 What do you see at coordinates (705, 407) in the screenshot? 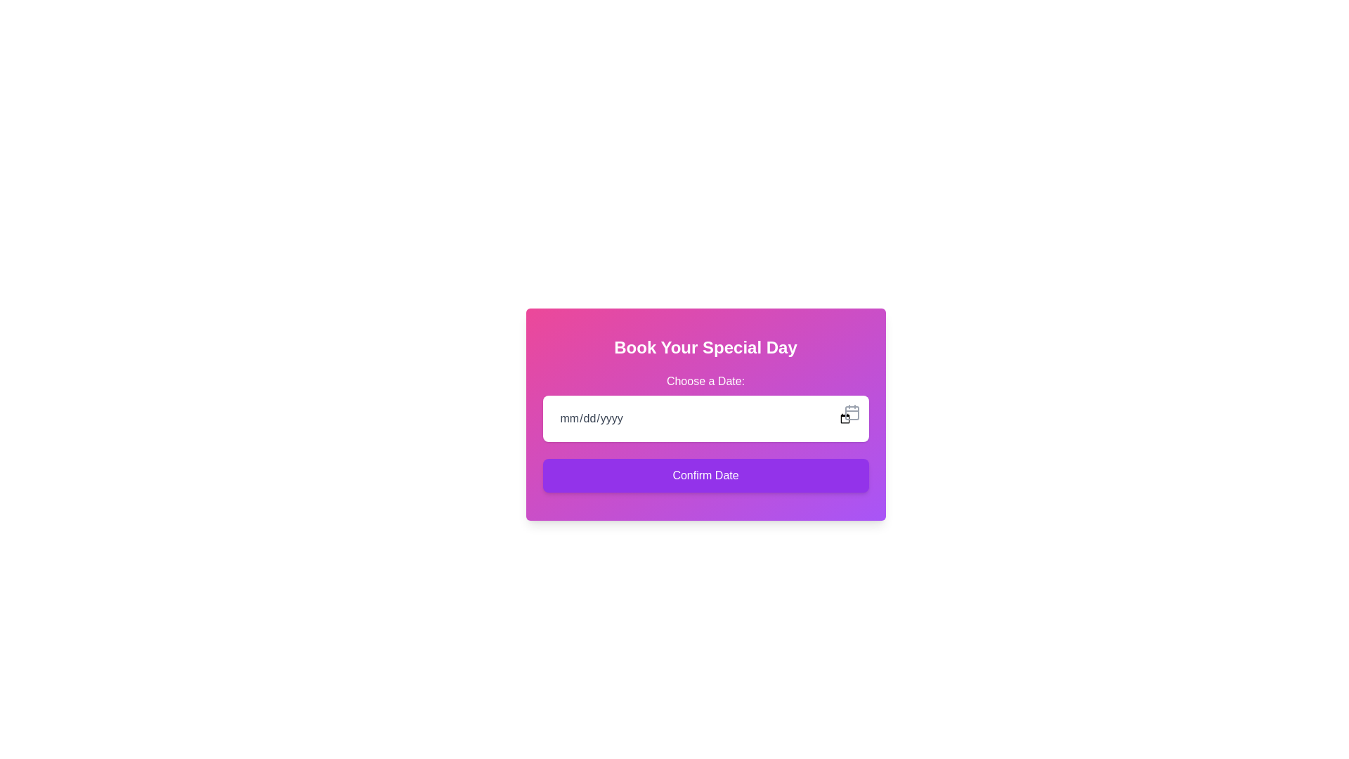
I see `the input field of the 'Choose a Date:' section to activate it` at bounding box center [705, 407].